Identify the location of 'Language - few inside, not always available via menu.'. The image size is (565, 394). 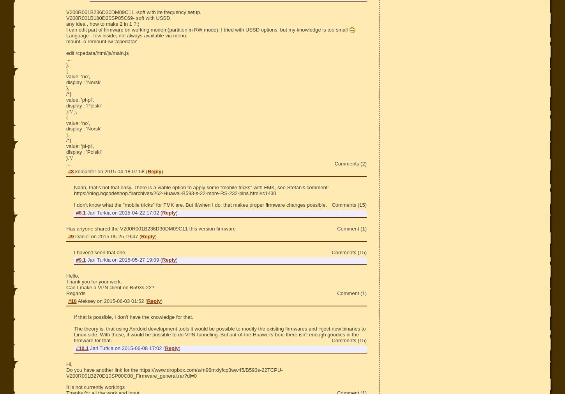
(126, 35).